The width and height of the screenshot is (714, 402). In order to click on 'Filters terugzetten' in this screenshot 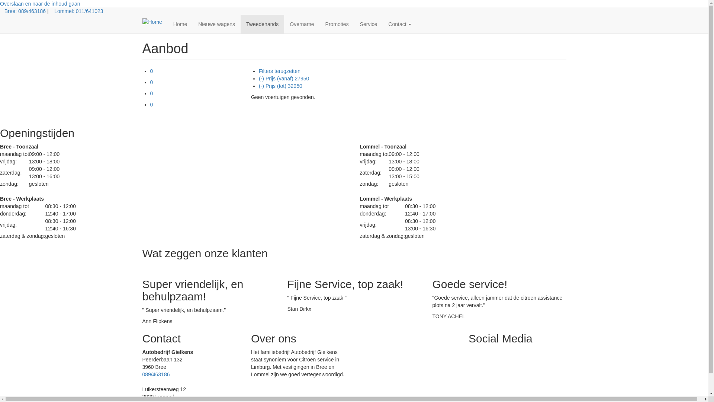, I will do `click(279, 71)`.